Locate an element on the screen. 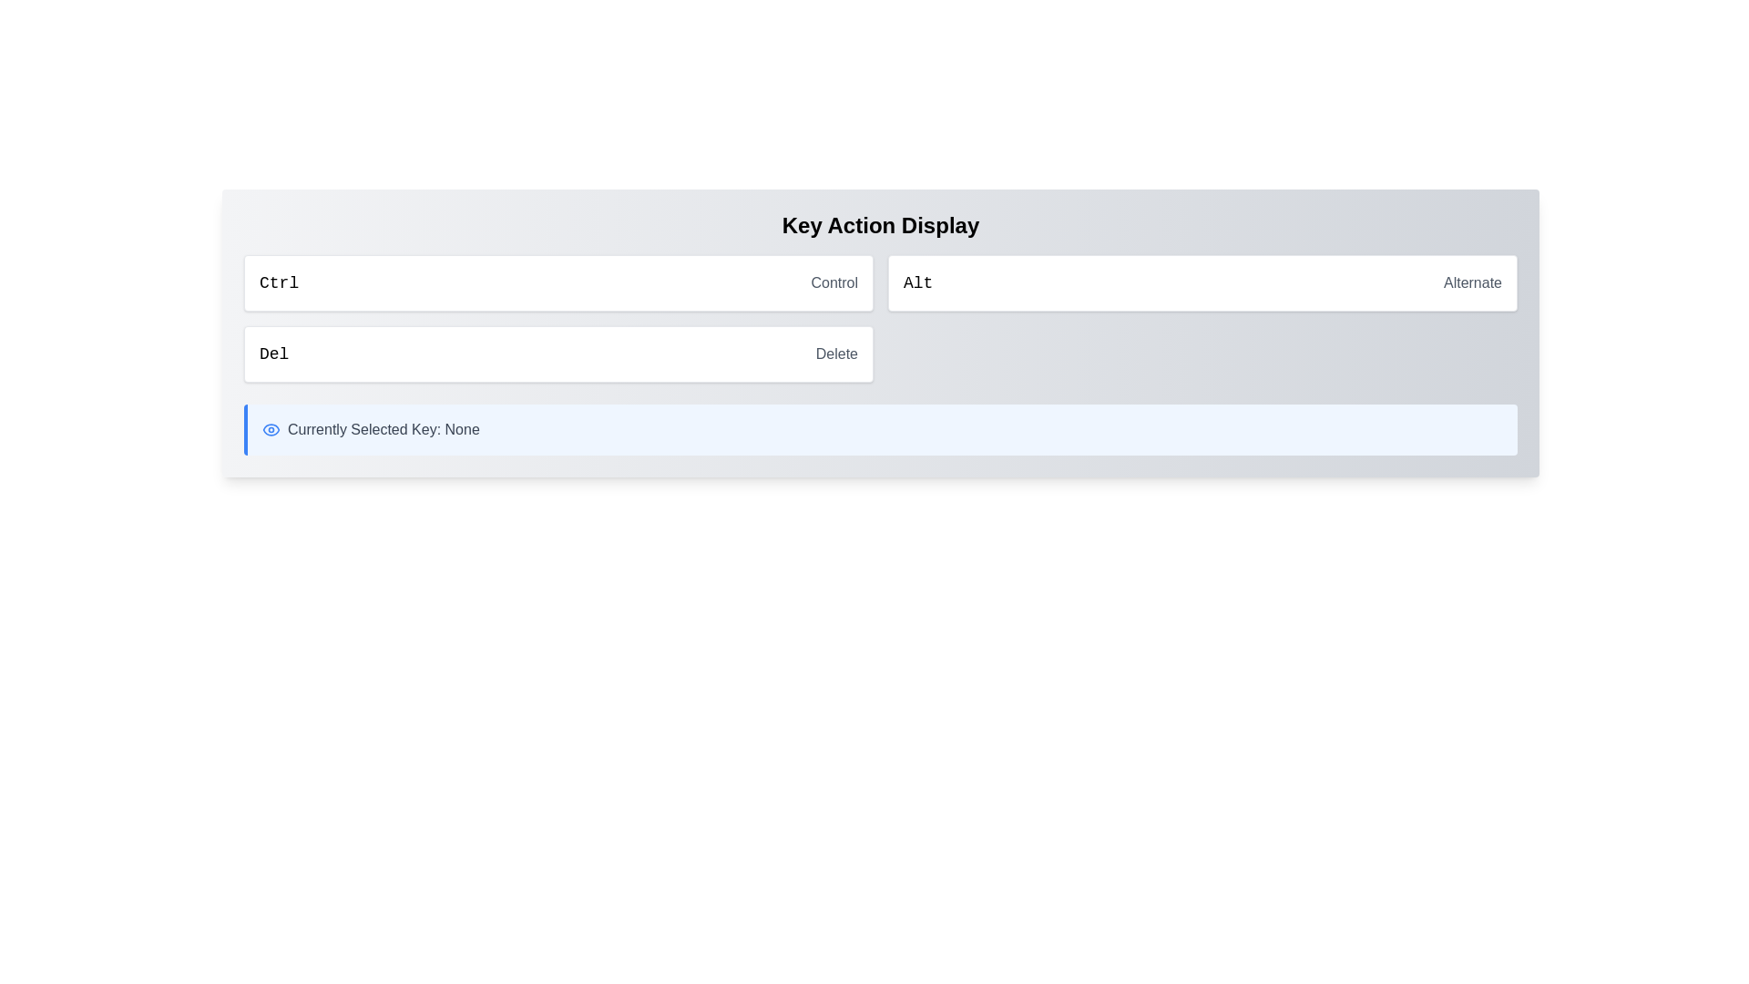  the Text label that describes or represents an attribute, status, or option, located to the right of the 'Alt' label in the top right portion of the user interface is located at coordinates (1473, 283).